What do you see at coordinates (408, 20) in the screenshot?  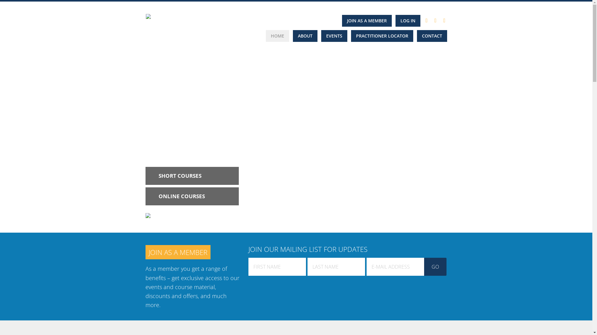 I see `'LOG IN'` at bounding box center [408, 20].